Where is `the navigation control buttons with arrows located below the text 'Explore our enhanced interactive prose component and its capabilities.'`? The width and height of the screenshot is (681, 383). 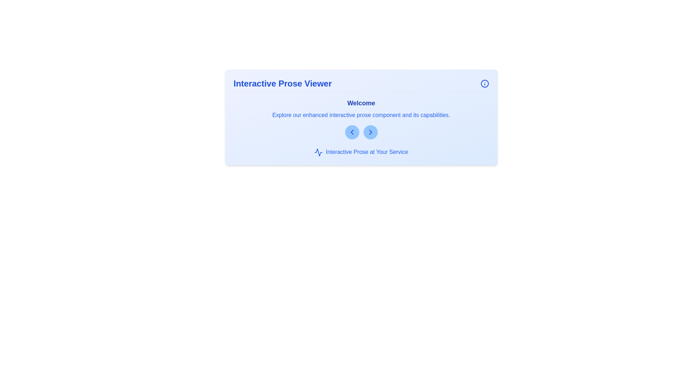 the navigation control buttons with arrows located below the text 'Explore our enhanced interactive prose component and its capabilities.' is located at coordinates (361, 132).